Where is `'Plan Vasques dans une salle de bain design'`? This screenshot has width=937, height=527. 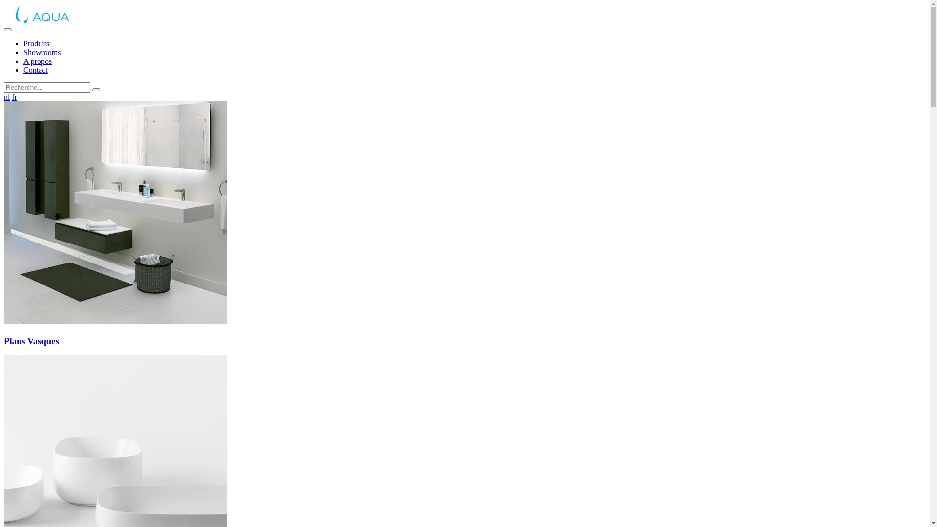
'Plan Vasques dans une salle de bain design' is located at coordinates (115, 212).